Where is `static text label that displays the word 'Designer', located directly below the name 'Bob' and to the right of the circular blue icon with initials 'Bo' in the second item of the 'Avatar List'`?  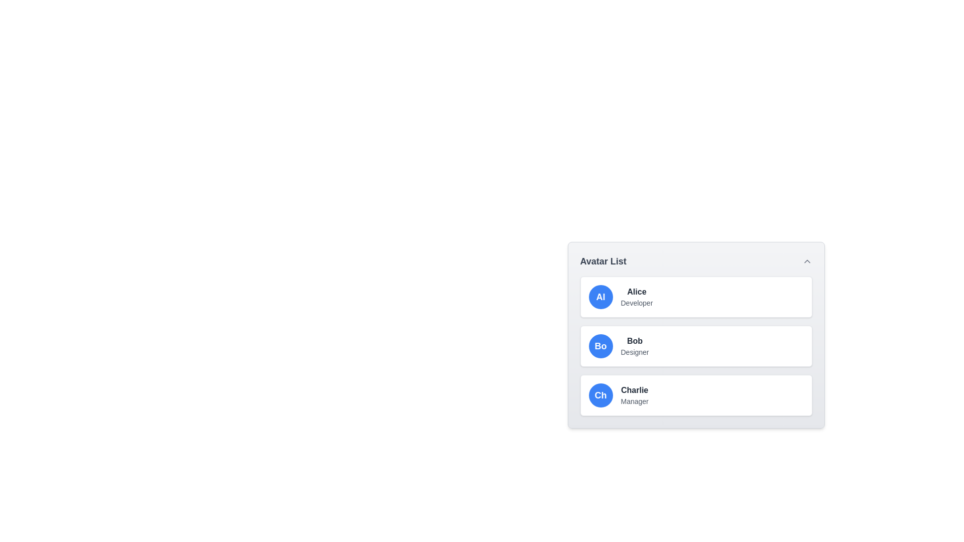 static text label that displays the word 'Designer', located directly below the name 'Bob' and to the right of the circular blue icon with initials 'Bo' in the second item of the 'Avatar List' is located at coordinates (634, 352).